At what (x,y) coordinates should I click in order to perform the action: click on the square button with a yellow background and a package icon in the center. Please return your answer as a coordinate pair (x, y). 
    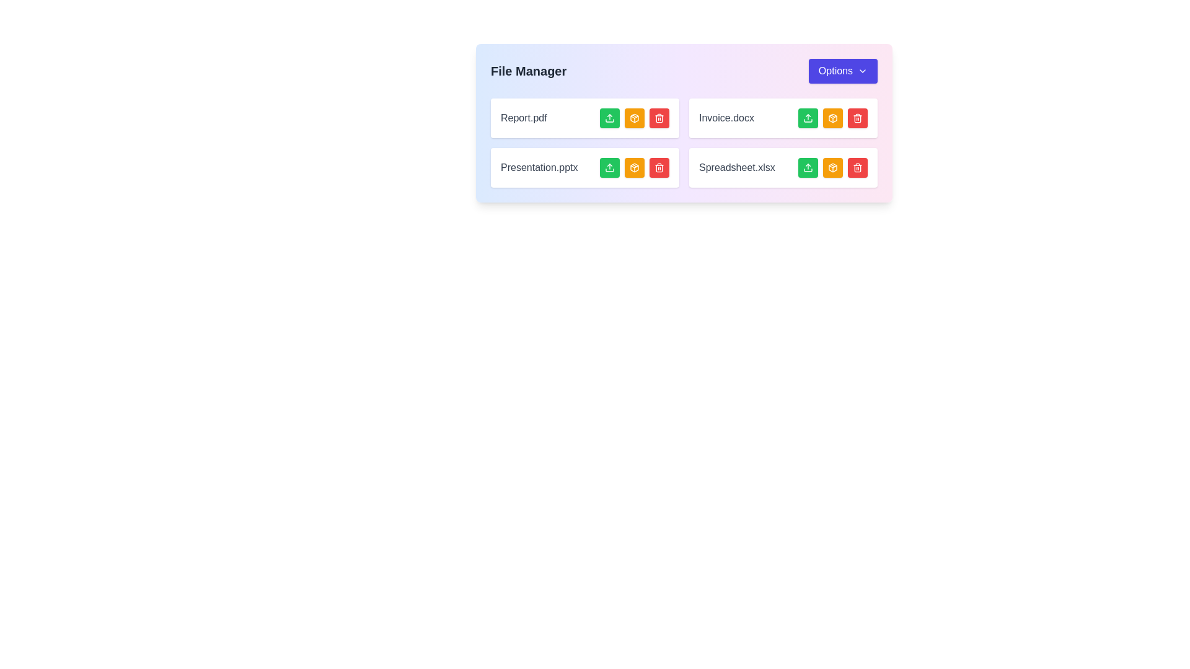
    Looking at the image, I should click on (833, 167).